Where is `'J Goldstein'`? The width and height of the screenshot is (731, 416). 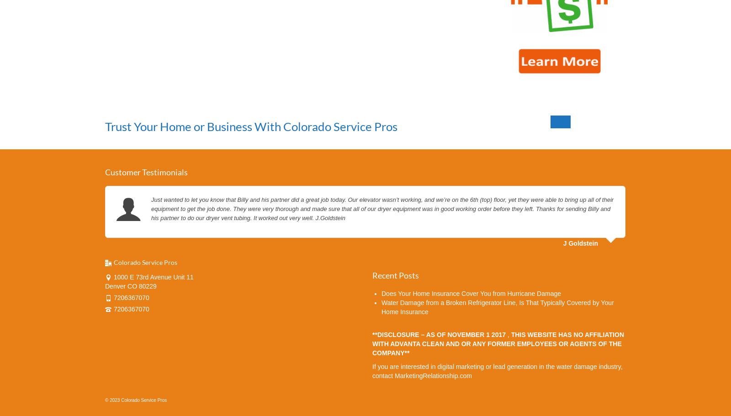
'J Goldstein' is located at coordinates (580, 242).